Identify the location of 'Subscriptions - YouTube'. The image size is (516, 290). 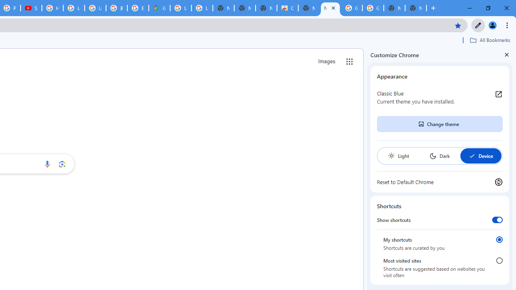
(31, 8).